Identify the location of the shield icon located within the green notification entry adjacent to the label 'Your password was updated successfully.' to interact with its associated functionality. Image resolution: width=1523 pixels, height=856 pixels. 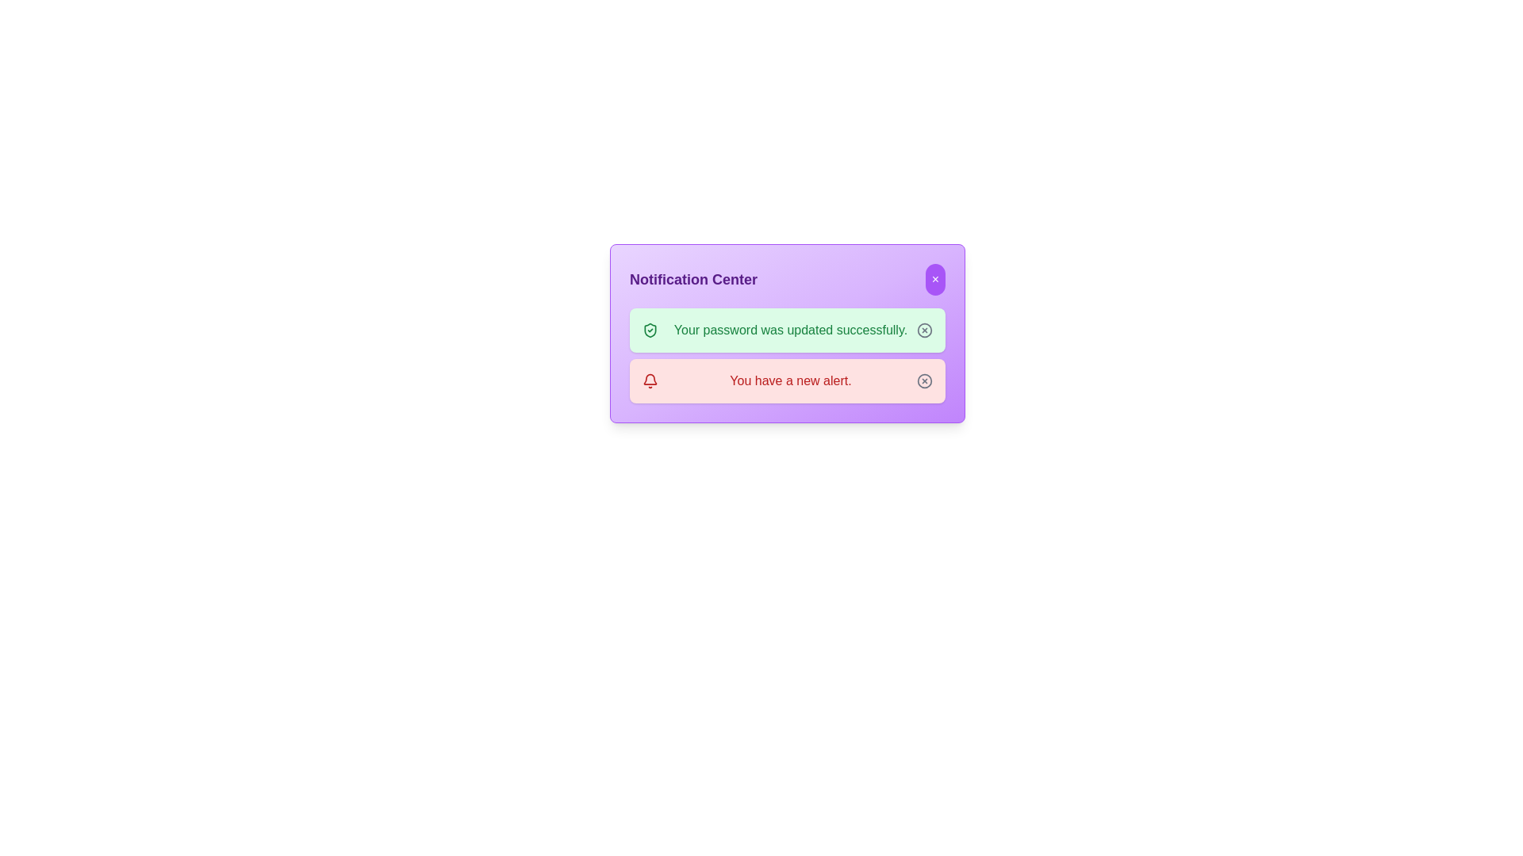
(650, 329).